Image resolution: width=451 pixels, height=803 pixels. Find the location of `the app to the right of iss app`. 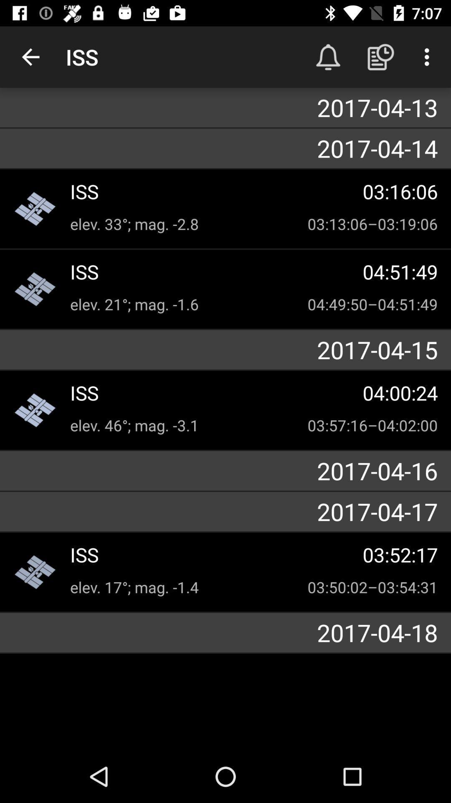

the app to the right of iss app is located at coordinates (328, 56).